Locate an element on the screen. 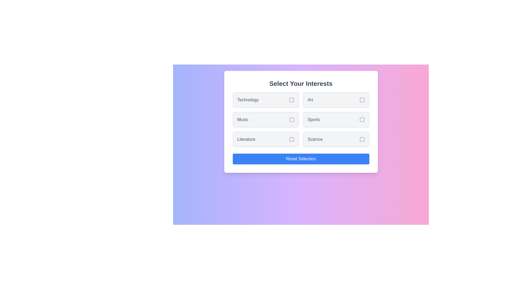 The height and width of the screenshot is (288, 512). the interest item labeled Technology is located at coordinates (266, 100).